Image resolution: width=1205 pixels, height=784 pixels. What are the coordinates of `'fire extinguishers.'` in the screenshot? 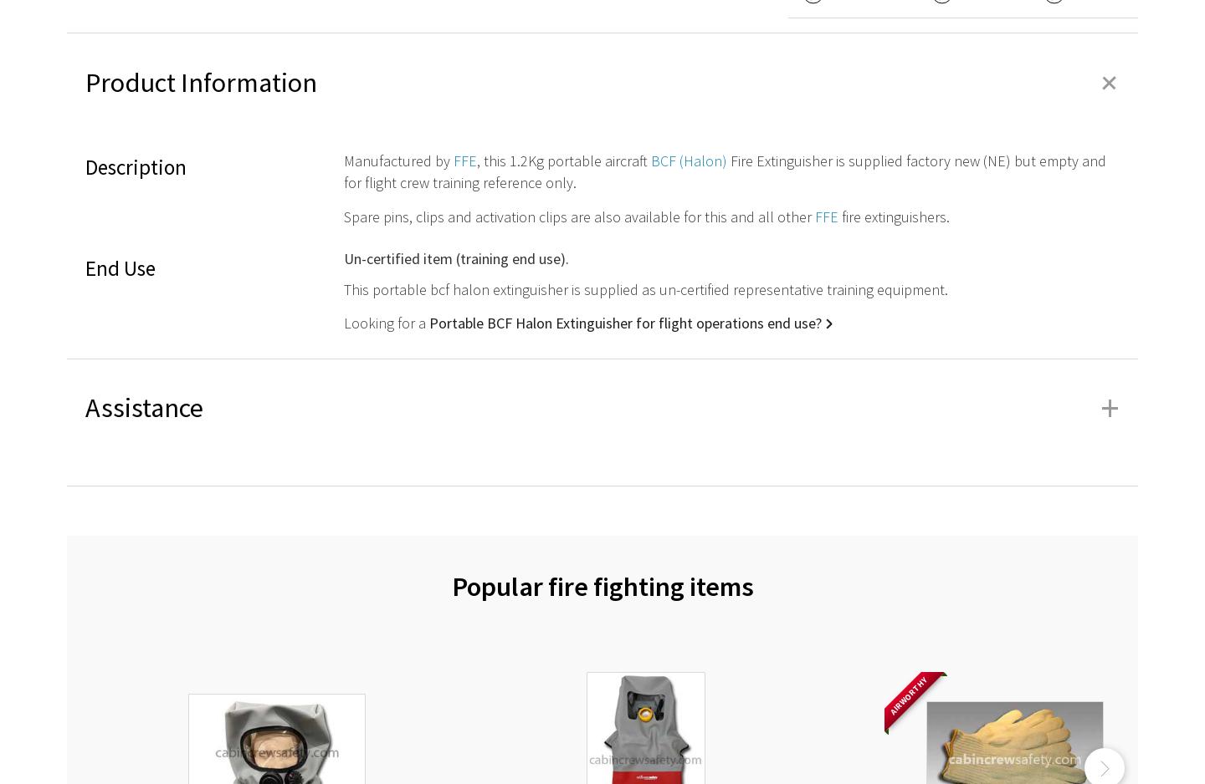 It's located at (894, 215).